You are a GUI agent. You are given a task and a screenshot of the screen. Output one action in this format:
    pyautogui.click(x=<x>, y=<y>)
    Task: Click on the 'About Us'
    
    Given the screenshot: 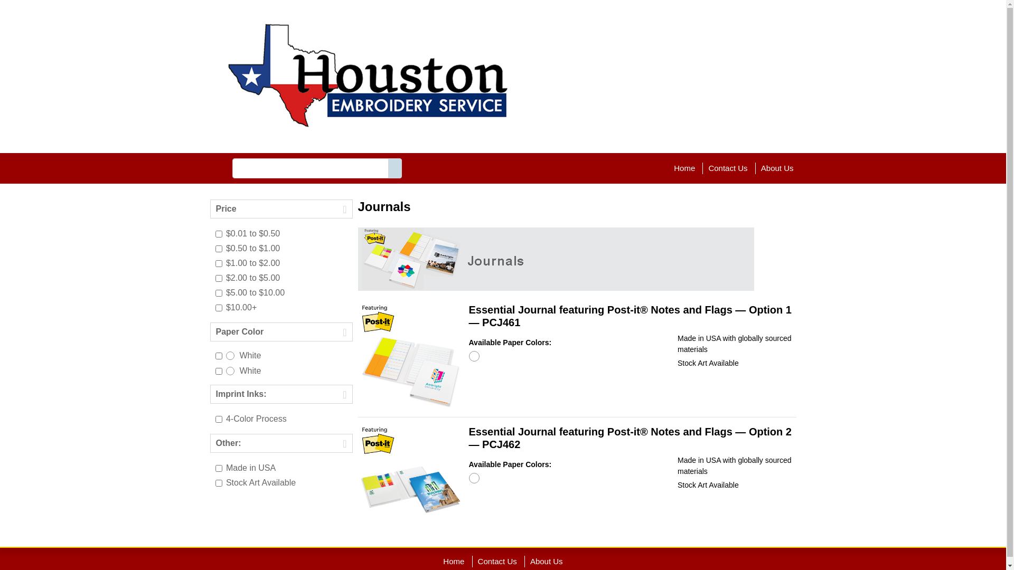 What is the action you would take?
    pyautogui.click(x=547, y=560)
    